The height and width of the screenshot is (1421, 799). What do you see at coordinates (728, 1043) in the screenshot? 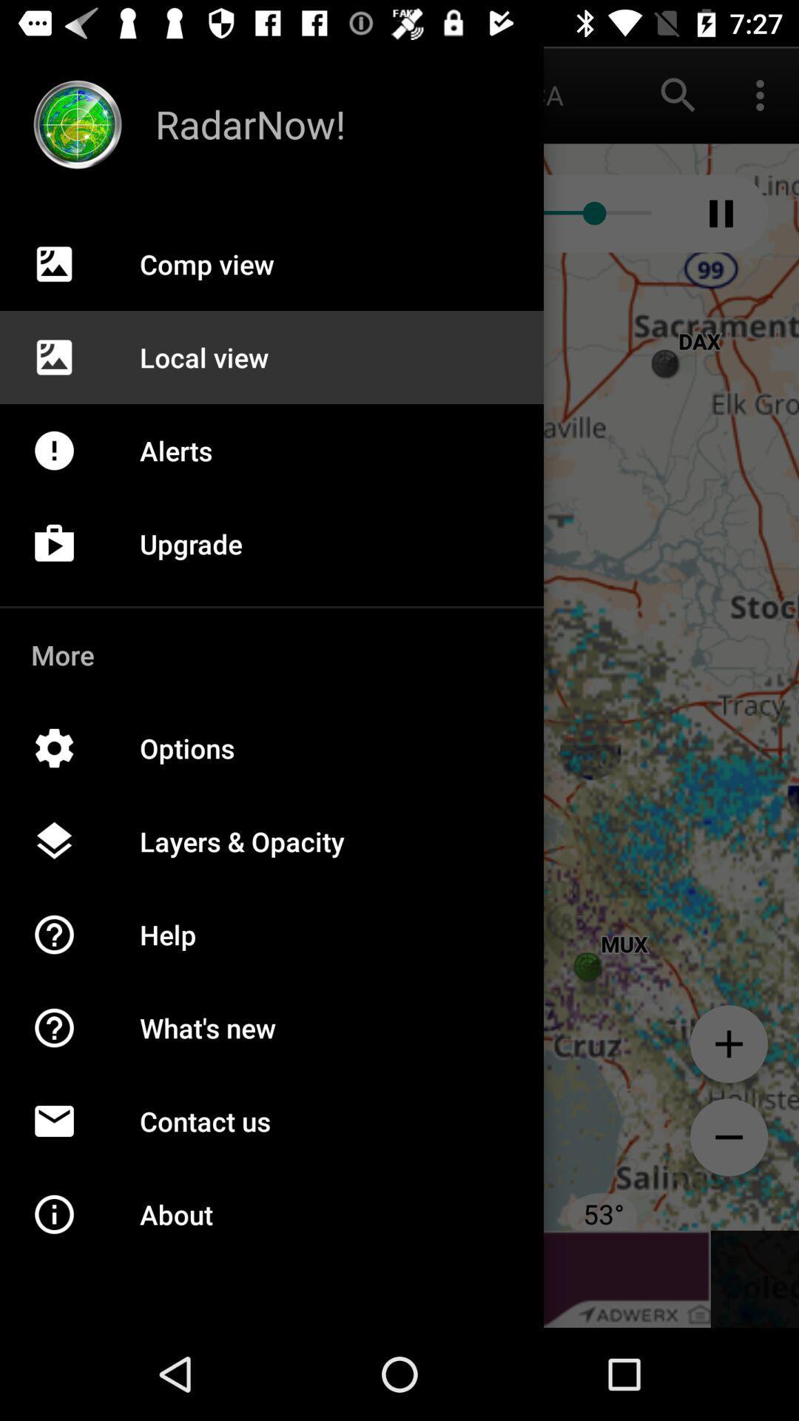
I see `the add icon` at bounding box center [728, 1043].